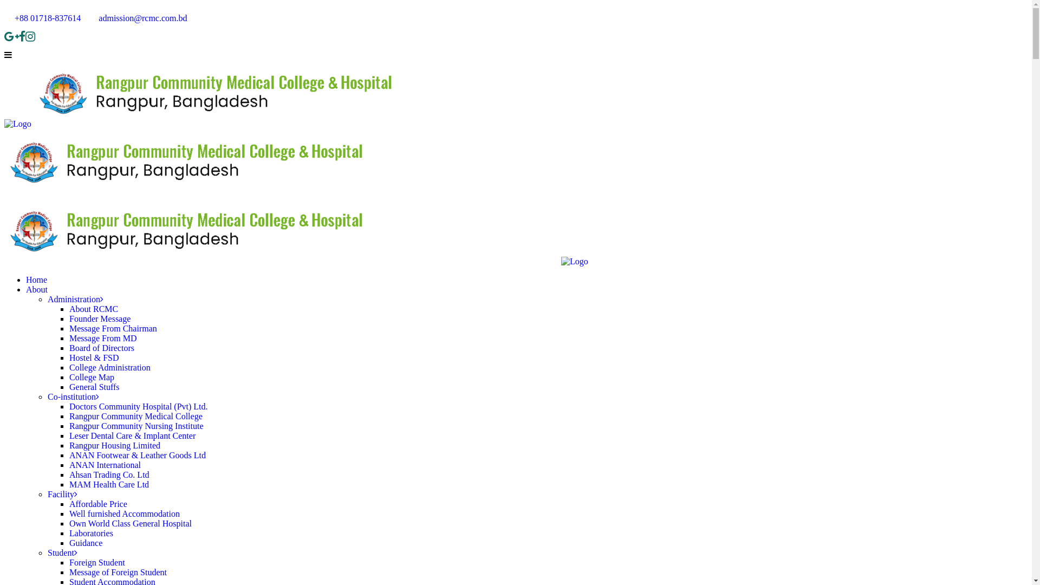 This screenshot has width=1040, height=585. I want to click on 'Founder Message', so click(100, 318).